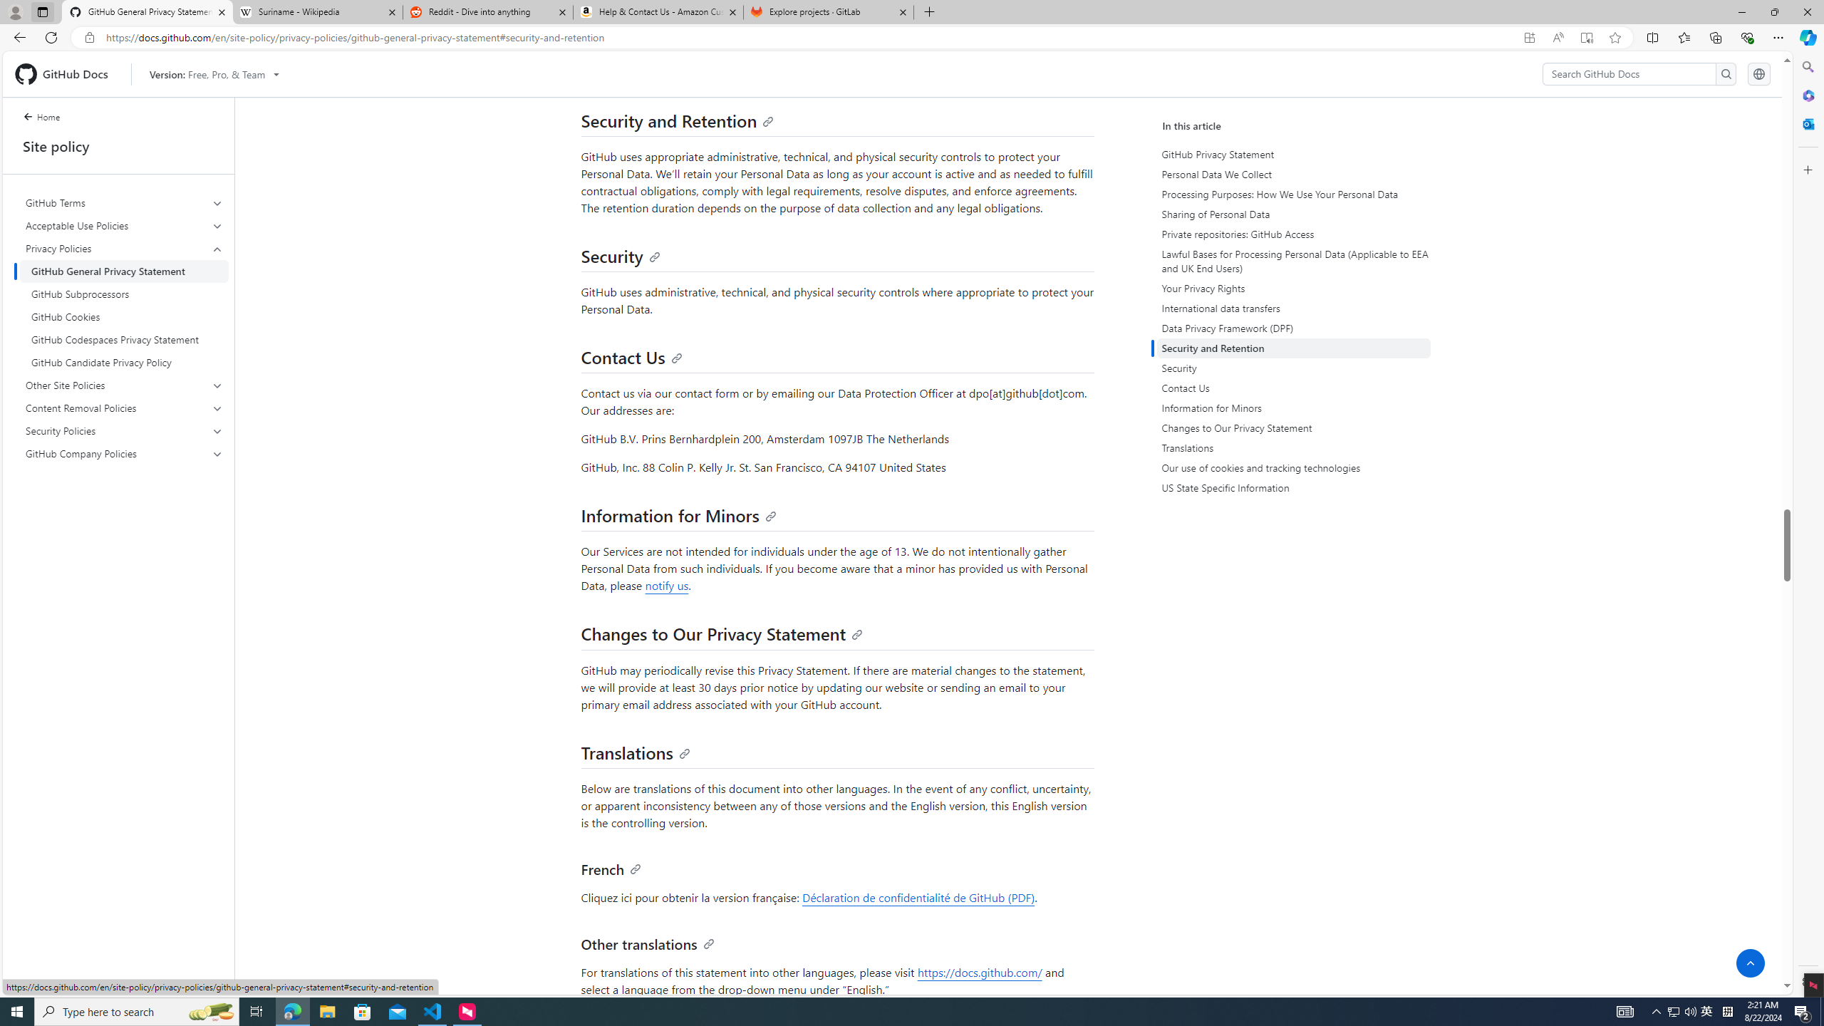 The image size is (1824, 1026). I want to click on 'Data Privacy Framework (DPF)', so click(1292, 327).